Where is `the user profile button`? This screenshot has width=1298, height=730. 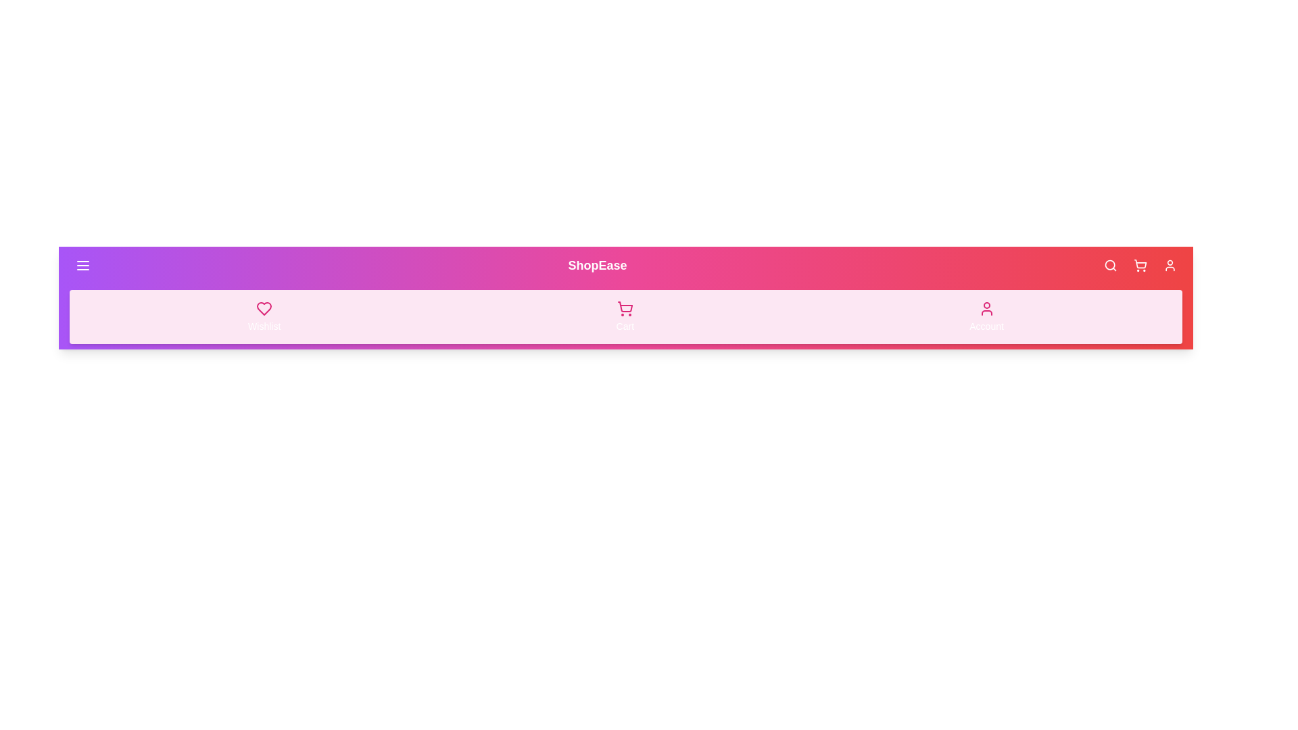 the user profile button is located at coordinates (1170, 266).